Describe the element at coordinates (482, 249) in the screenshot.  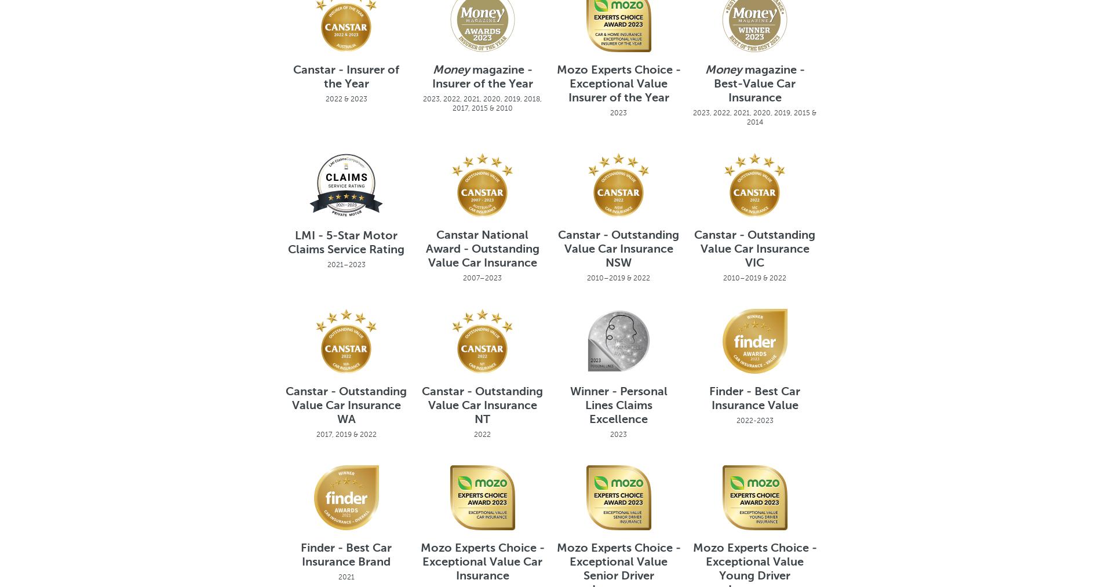
I see `'Canstar National Award - Outstanding Value Car Insurance'` at that location.